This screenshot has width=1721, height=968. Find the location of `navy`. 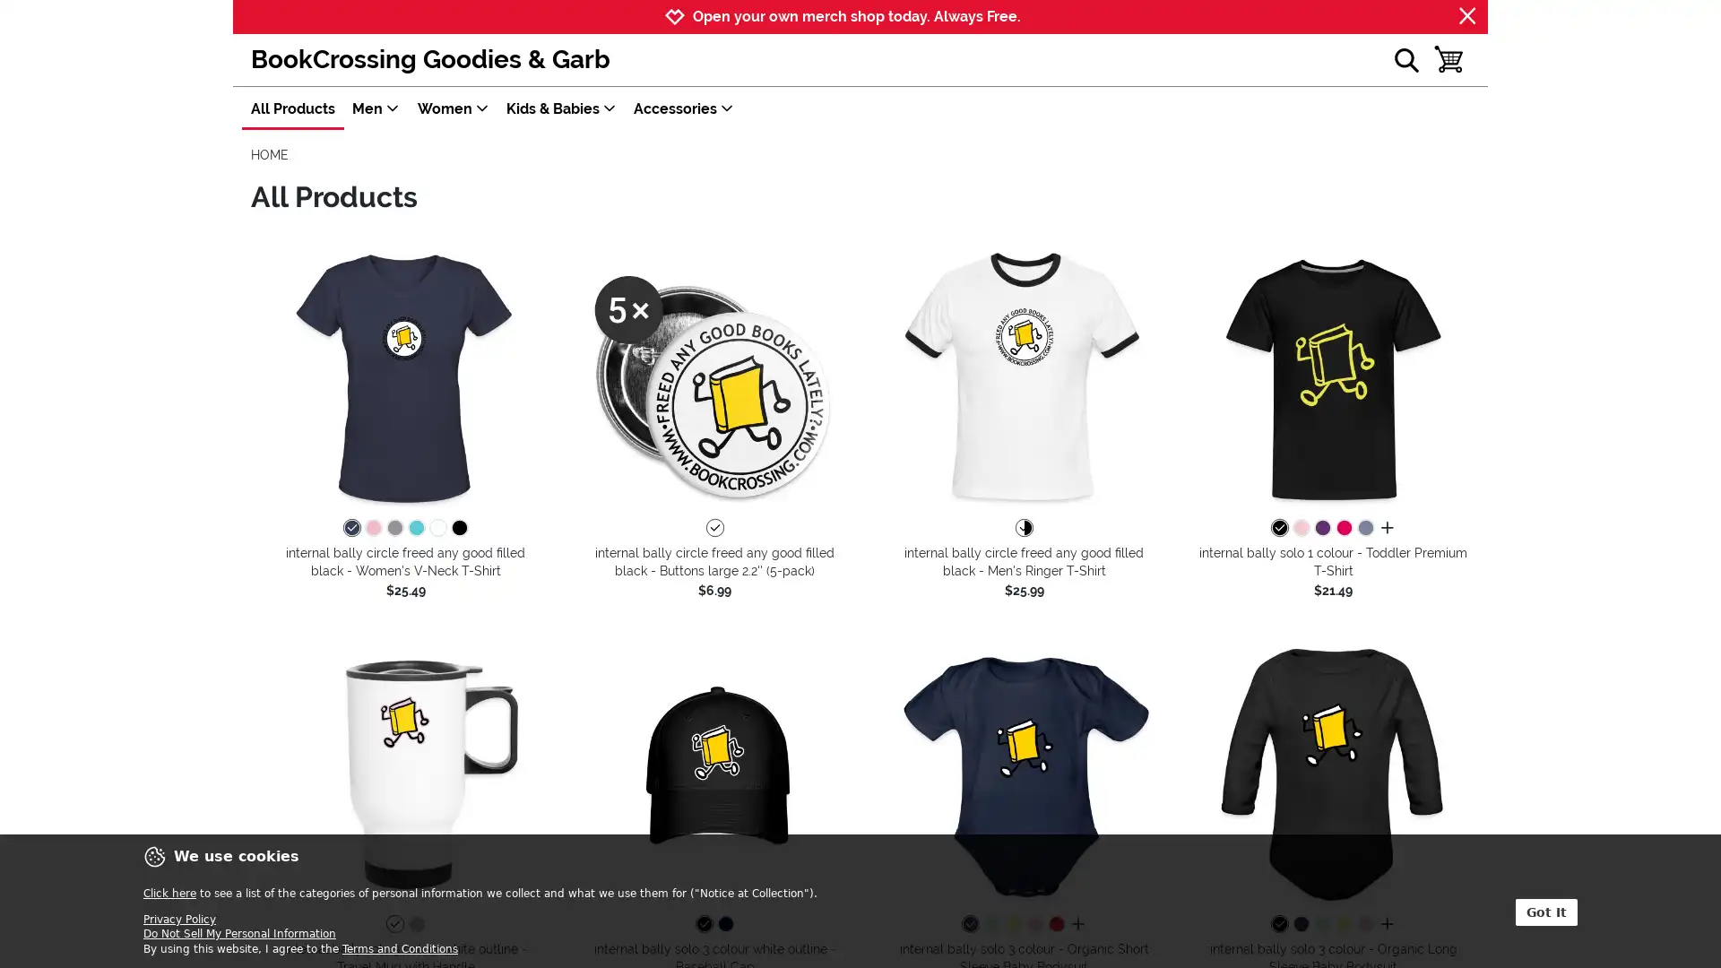

navy is located at coordinates (351, 528).